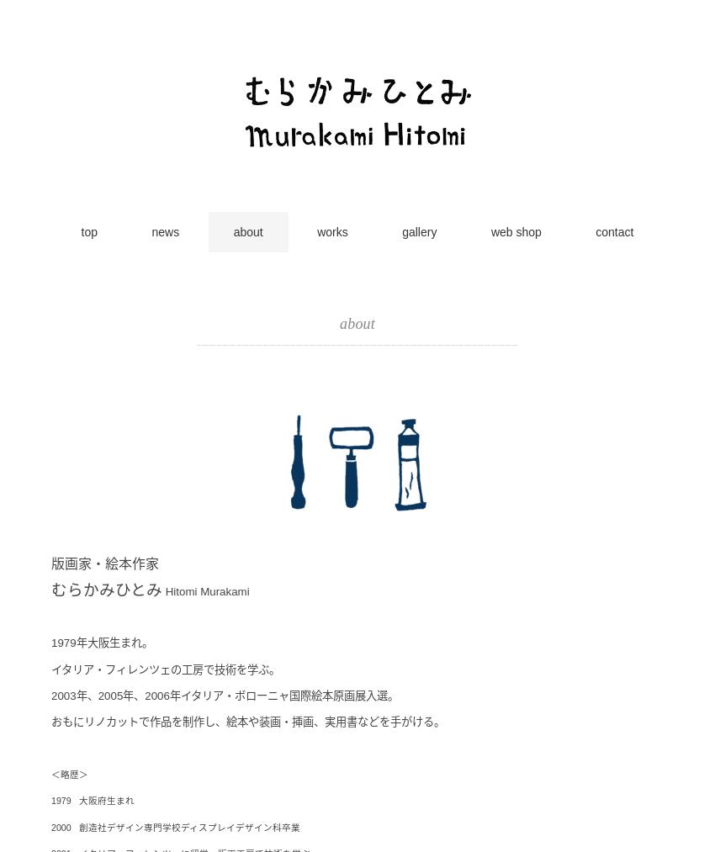 The image size is (715, 852). What do you see at coordinates (174, 827) in the screenshot?
I see `'2000   創造社デザイン専門学校ディスプレイデザイン科卒業'` at bounding box center [174, 827].